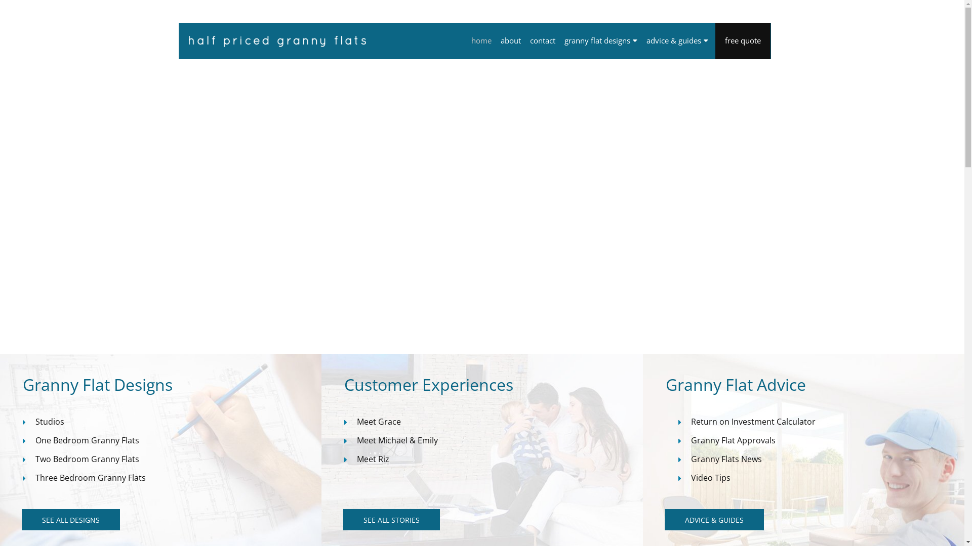 The height and width of the screenshot is (546, 972). What do you see at coordinates (726, 459) in the screenshot?
I see `'Granny Flats News'` at bounding box center [726, 459].